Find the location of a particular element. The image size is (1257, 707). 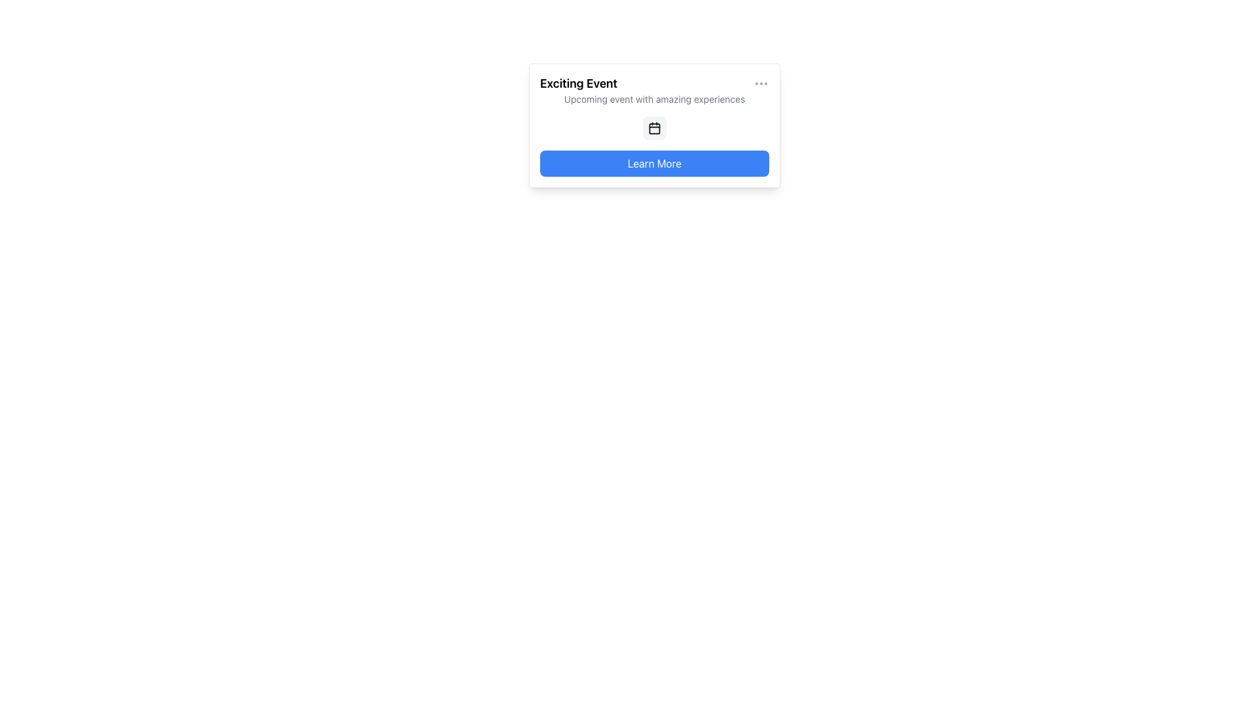

the Text Display element located at the top of the card, which provides an overview of the event or feature is located at coordinates (654, 90).